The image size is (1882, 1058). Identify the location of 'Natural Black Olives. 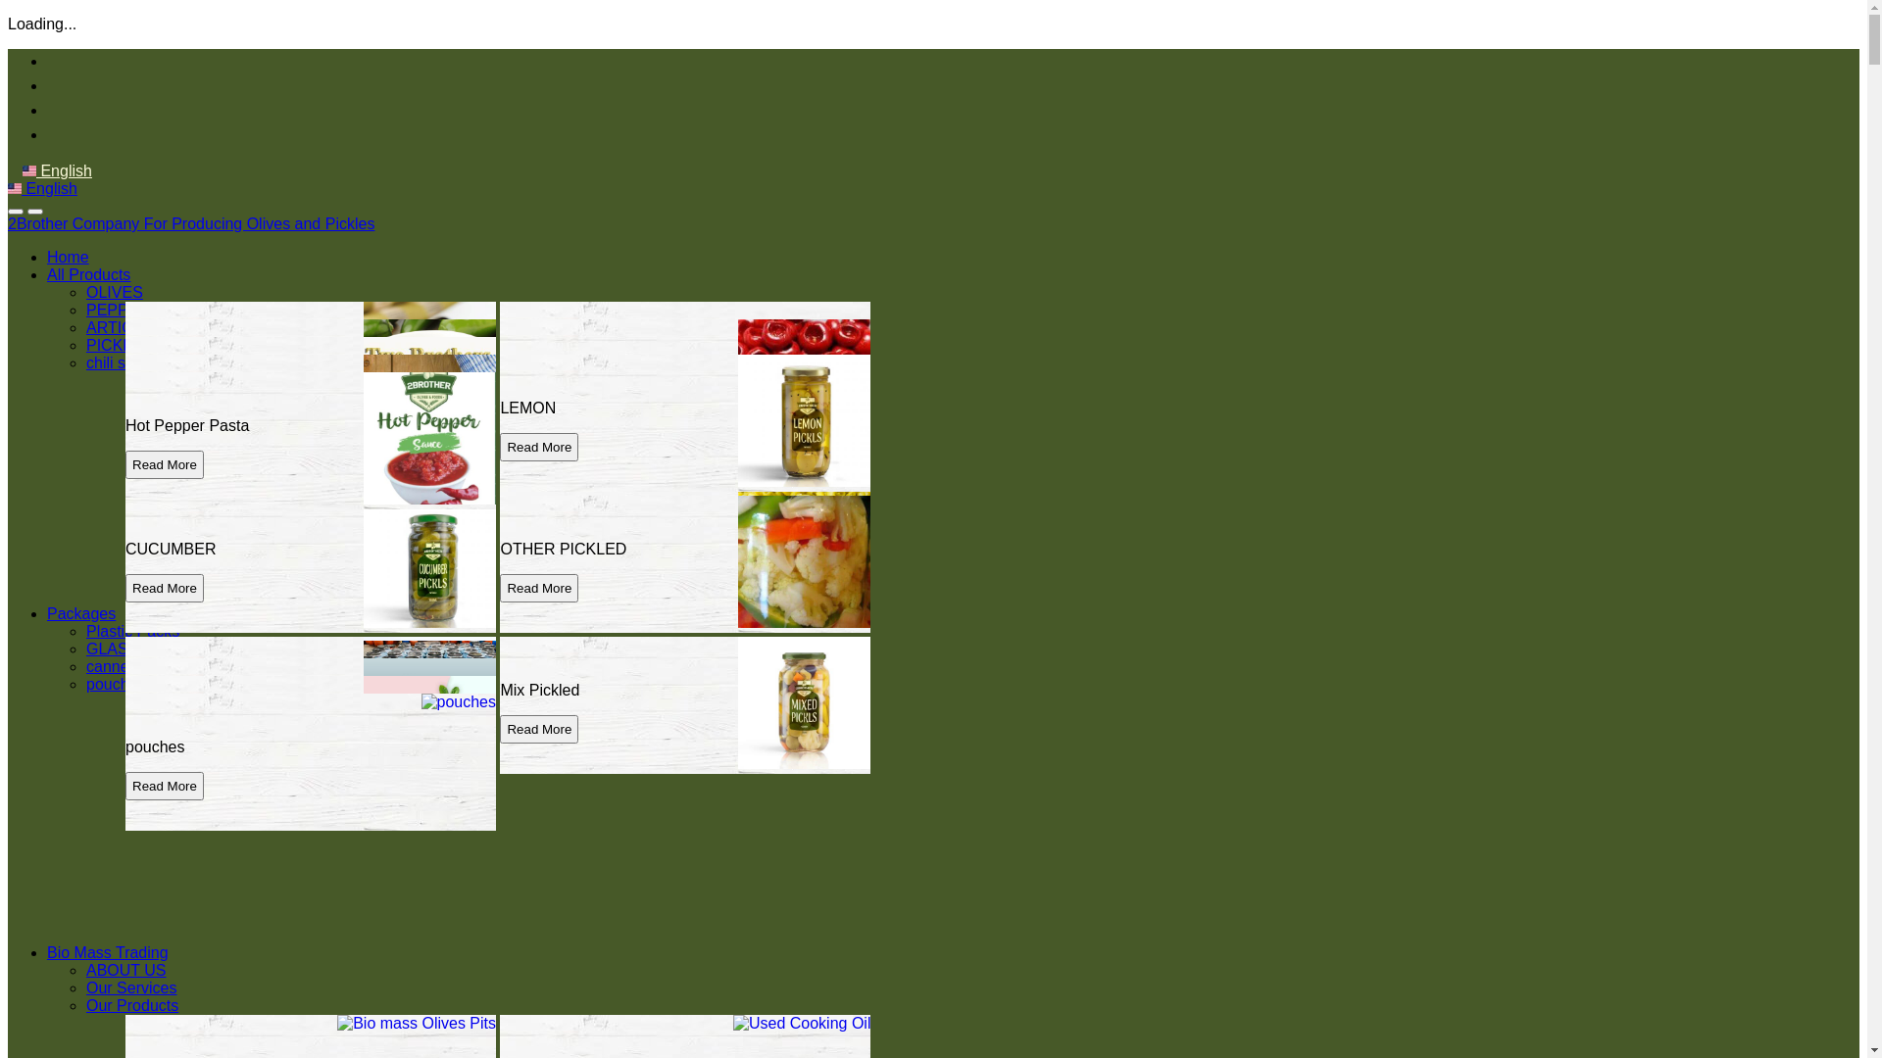
(685, 370).